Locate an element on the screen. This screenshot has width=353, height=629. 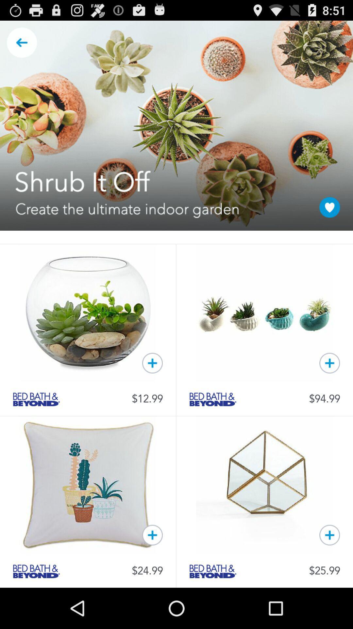
to favorites is located at coordinates (329, 535).